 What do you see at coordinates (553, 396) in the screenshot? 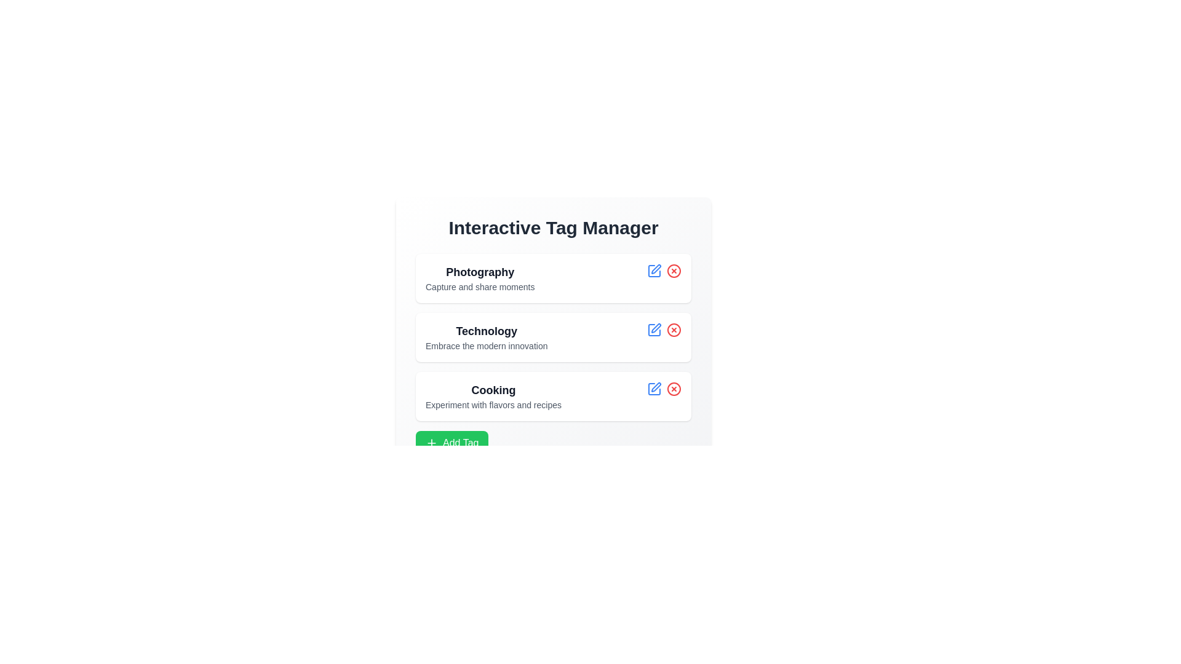
I see `description text 'Experiment with flavors and recipes' below the title 'Cooking' on the third List card with actions in the 'Interactive Tag Manager'` at bounding box center [553, 396].